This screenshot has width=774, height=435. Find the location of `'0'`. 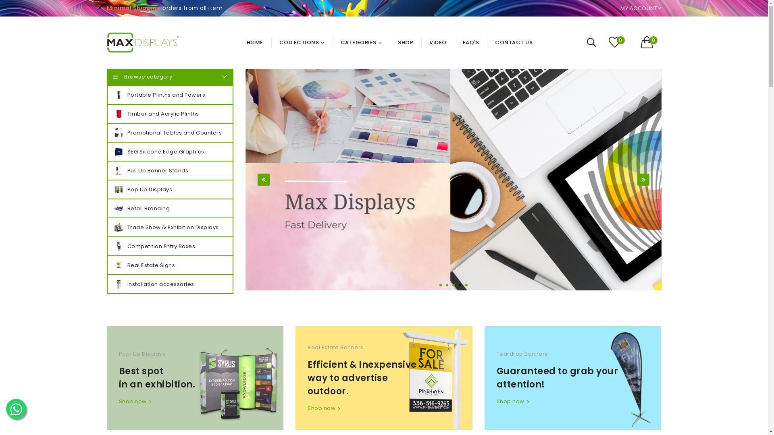

'0' is located at coordinates (618, 43).